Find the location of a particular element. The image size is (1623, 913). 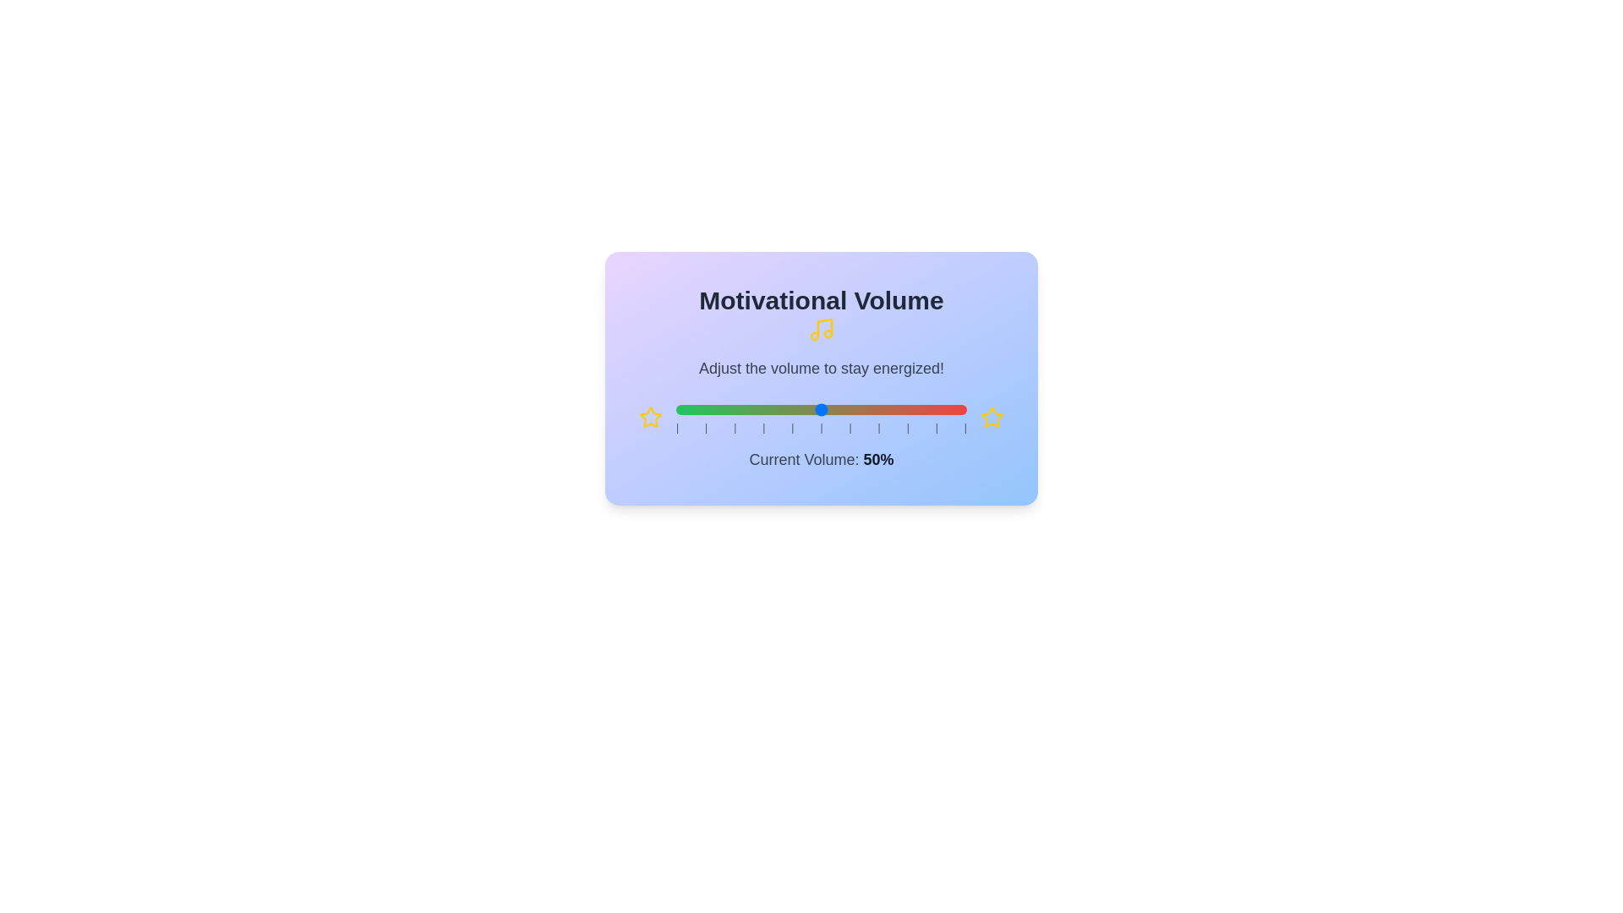

the volume slider to set the volume to 1% is located at coordinates (679, 410).